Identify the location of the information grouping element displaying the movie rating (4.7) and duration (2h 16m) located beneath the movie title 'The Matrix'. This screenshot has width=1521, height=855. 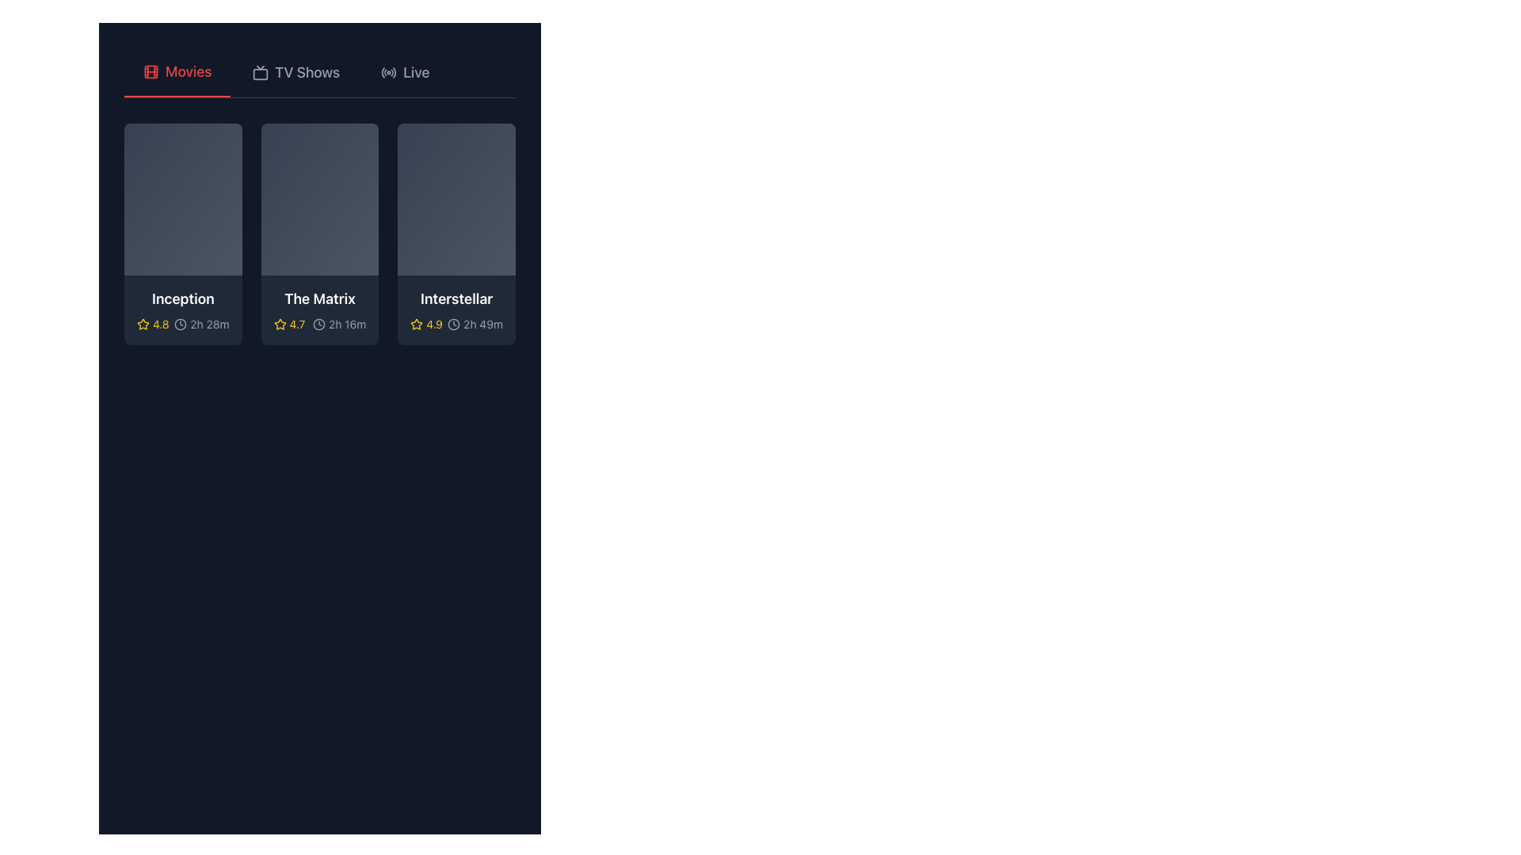
(318, 323).